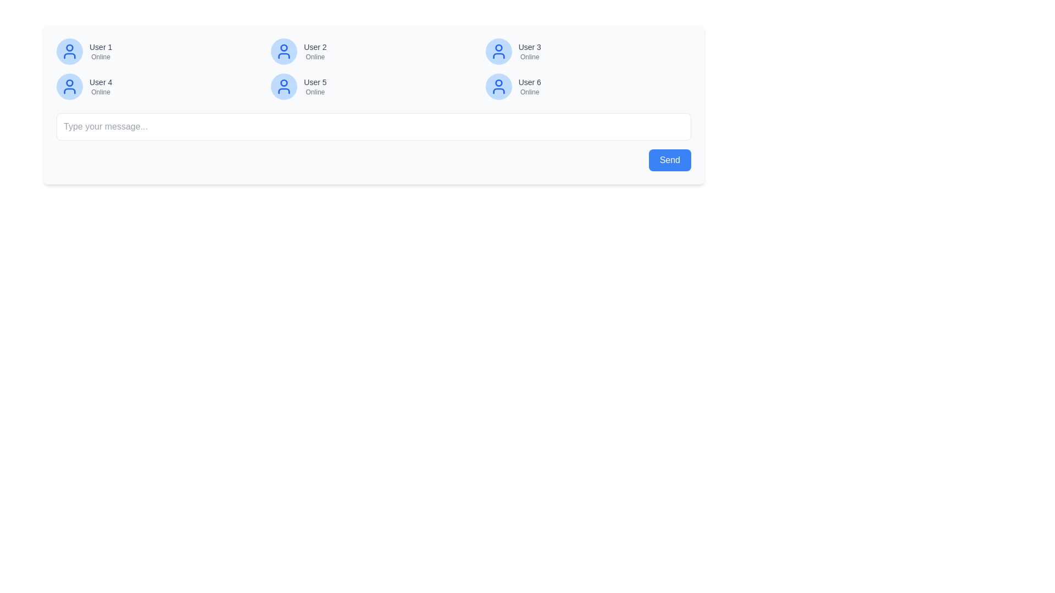 This screenshot has width=1055, height=593. What do you see at coordinates (314, 86) in the screenshot?
I see `the displayed information of the username 'User 5' along with their online status in the text block on the right-hand side of the interface` at bounding box center [314, 86].